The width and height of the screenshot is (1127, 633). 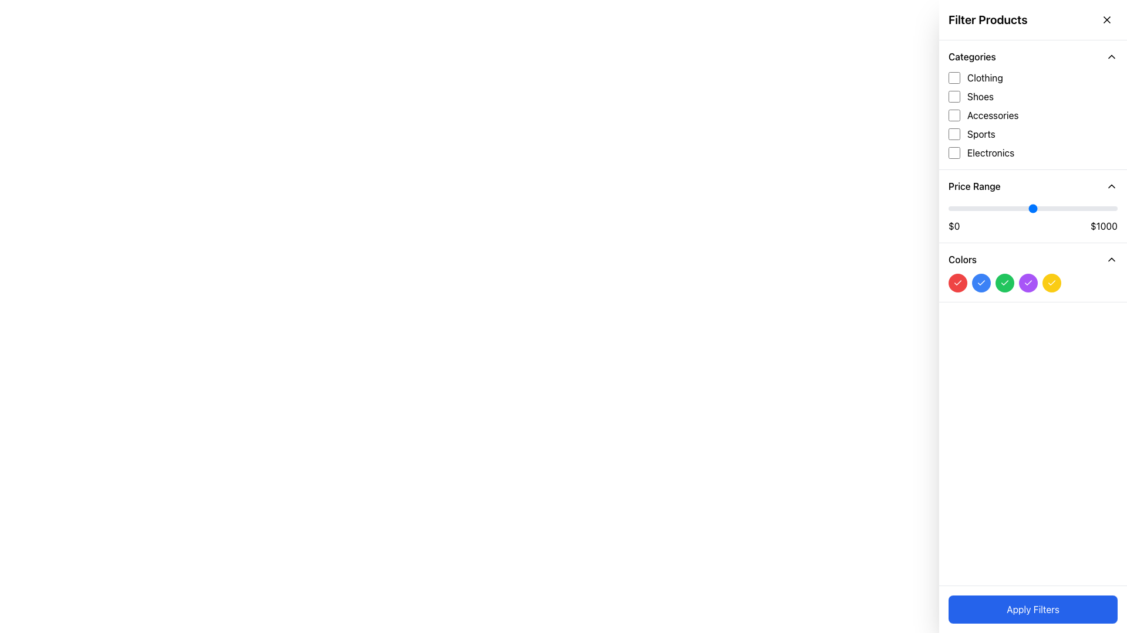 What do you see at coordinates (1083, 207) in the screenshot?
I see `the price range slider` at bounding box center [1083, 207].